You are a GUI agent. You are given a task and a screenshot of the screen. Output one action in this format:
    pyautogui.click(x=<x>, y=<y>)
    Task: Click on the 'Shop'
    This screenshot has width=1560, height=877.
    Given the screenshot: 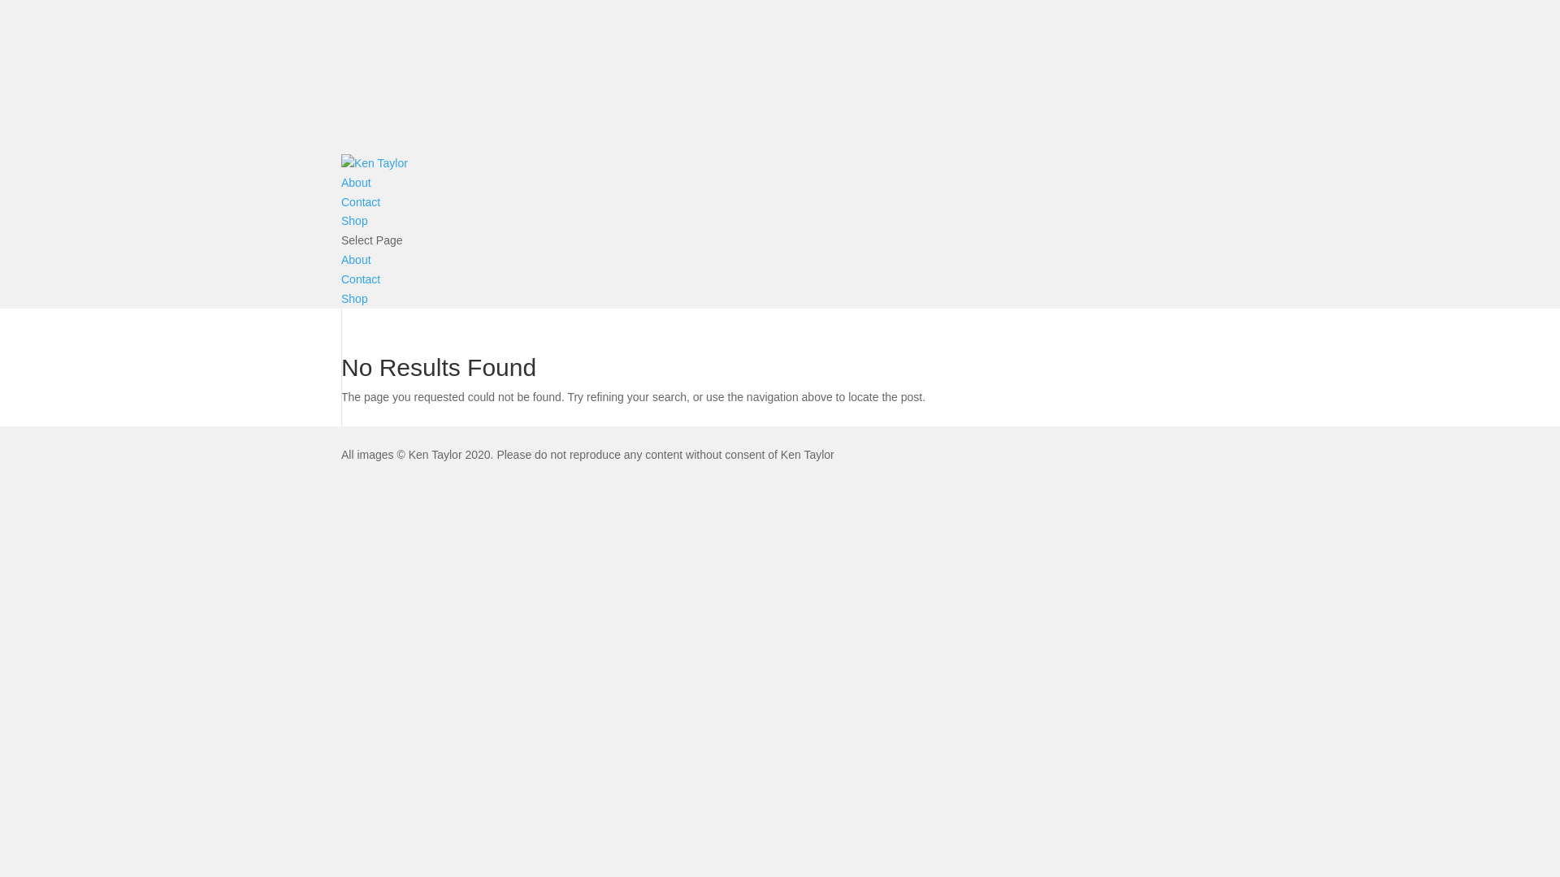 What is the action you would take?
    pyautogui.click(x=340, y=298)
    